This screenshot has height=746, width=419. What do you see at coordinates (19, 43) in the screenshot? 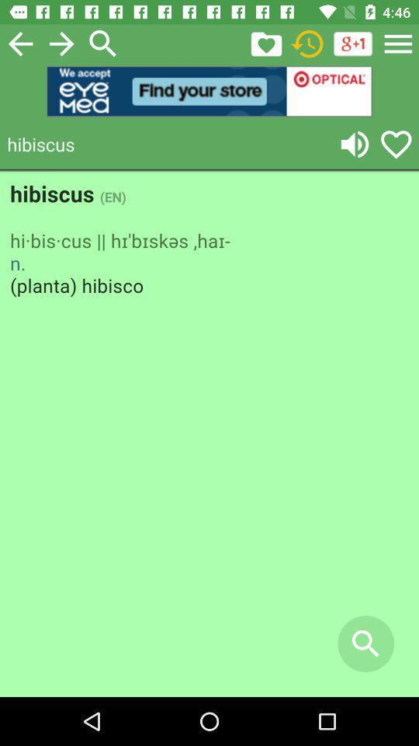
I see `go back` at bounding box center [19, 43].